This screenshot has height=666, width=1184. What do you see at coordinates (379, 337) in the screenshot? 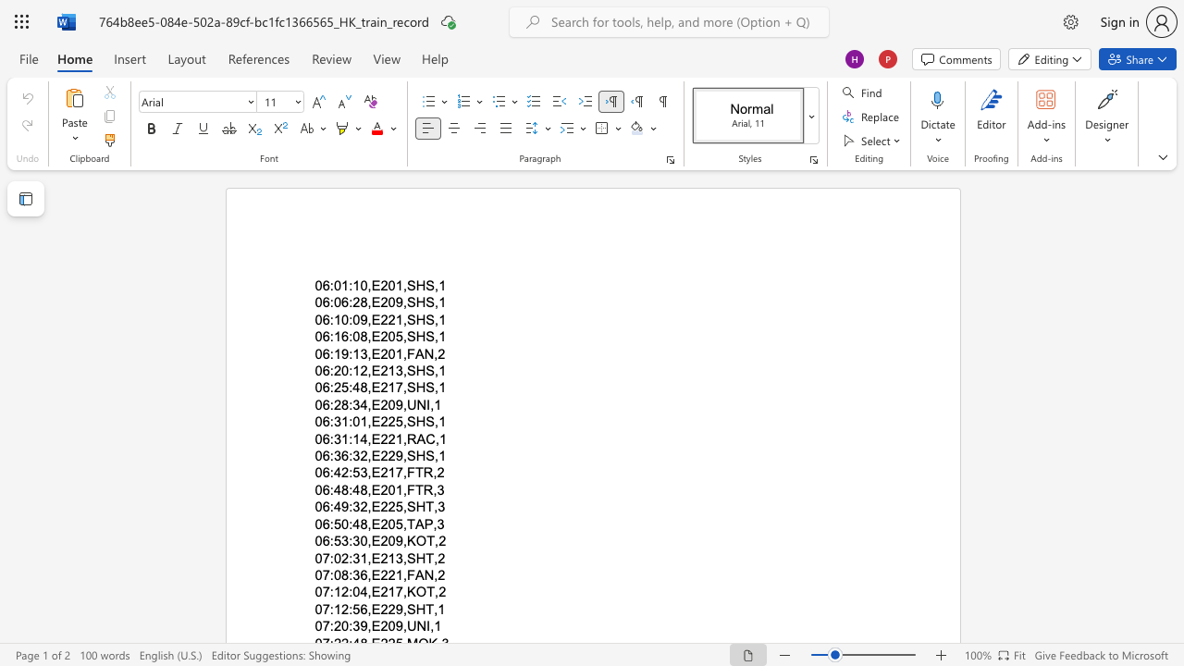
I see `the subset text "205,SHS" within the text "06:16:08,E205,SHS,1"` at bounding box center [379, 337].